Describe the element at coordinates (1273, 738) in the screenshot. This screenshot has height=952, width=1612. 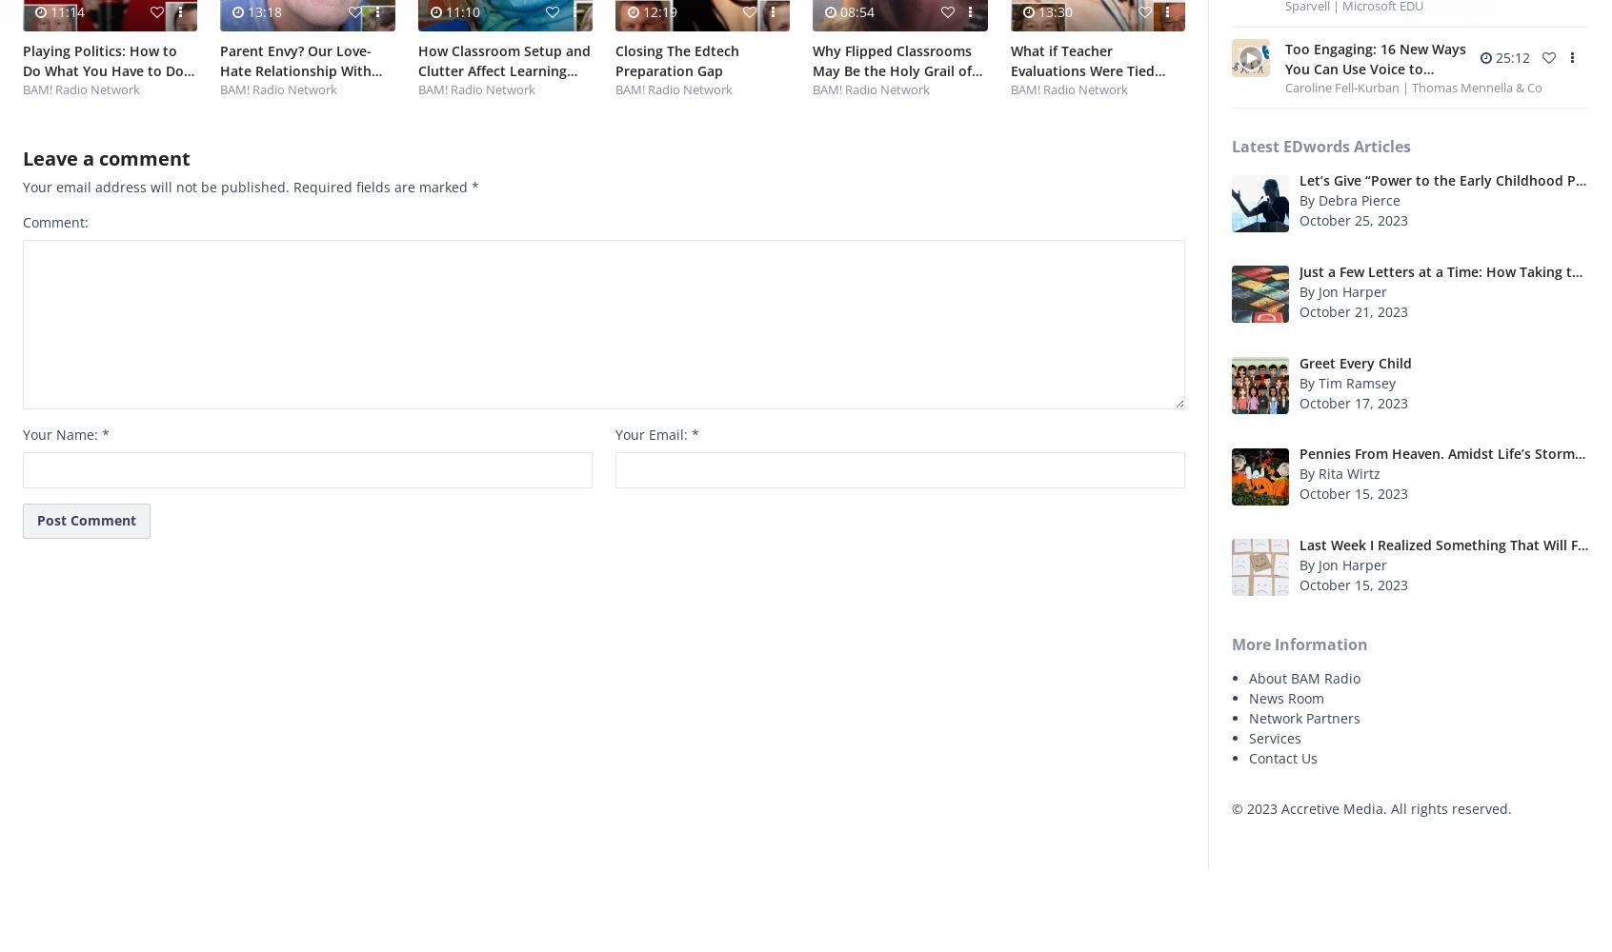
I see `'Services'` at that location.